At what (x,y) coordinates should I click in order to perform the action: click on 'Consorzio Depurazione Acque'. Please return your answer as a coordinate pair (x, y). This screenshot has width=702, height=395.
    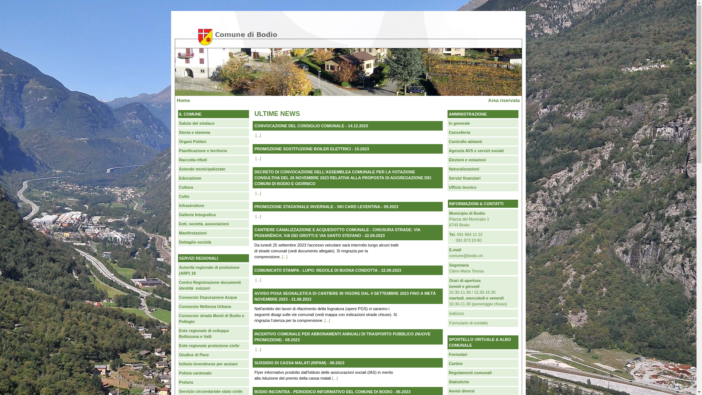
    Looking at the image, I should click on (213, 297).